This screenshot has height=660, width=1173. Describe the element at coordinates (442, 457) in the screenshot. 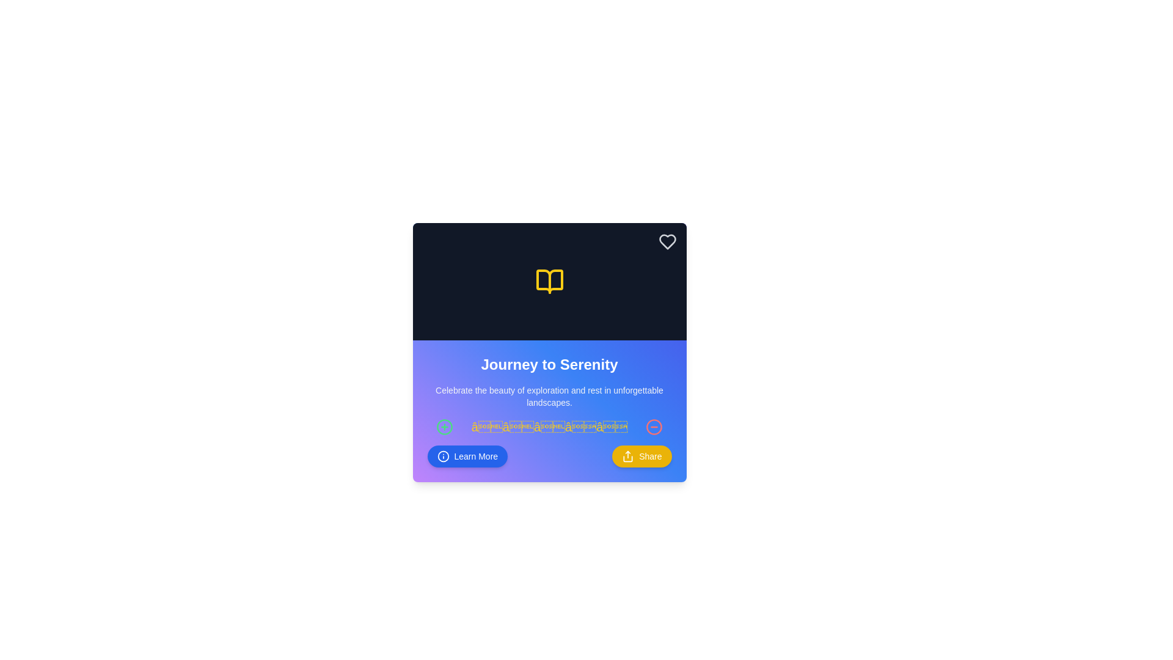

I see `the circular blue icon with a white information glyph, located inside the 'Learn More' button at the bottom-left corner of the card interface` at that location.